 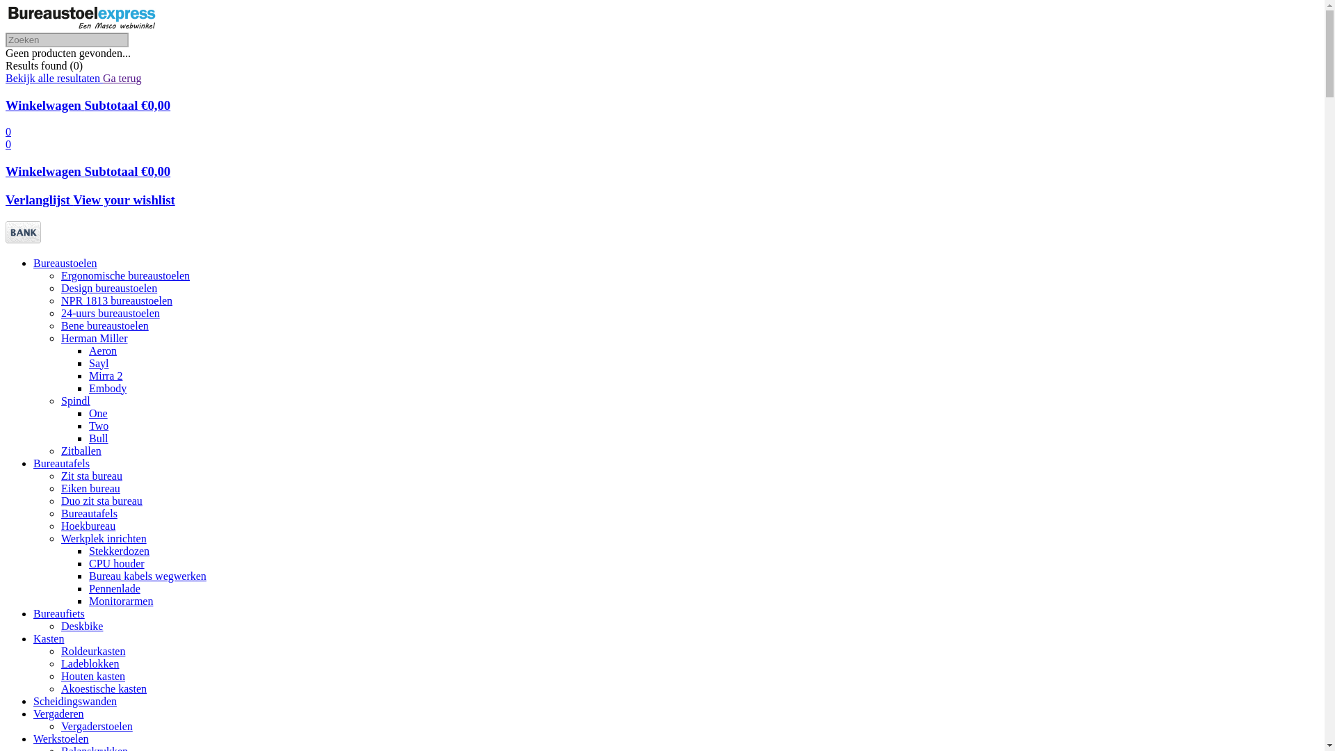 What do you see at coordinates (8, 144) in the screenshot?
I see `'0'` at bounding box center [8, 144].